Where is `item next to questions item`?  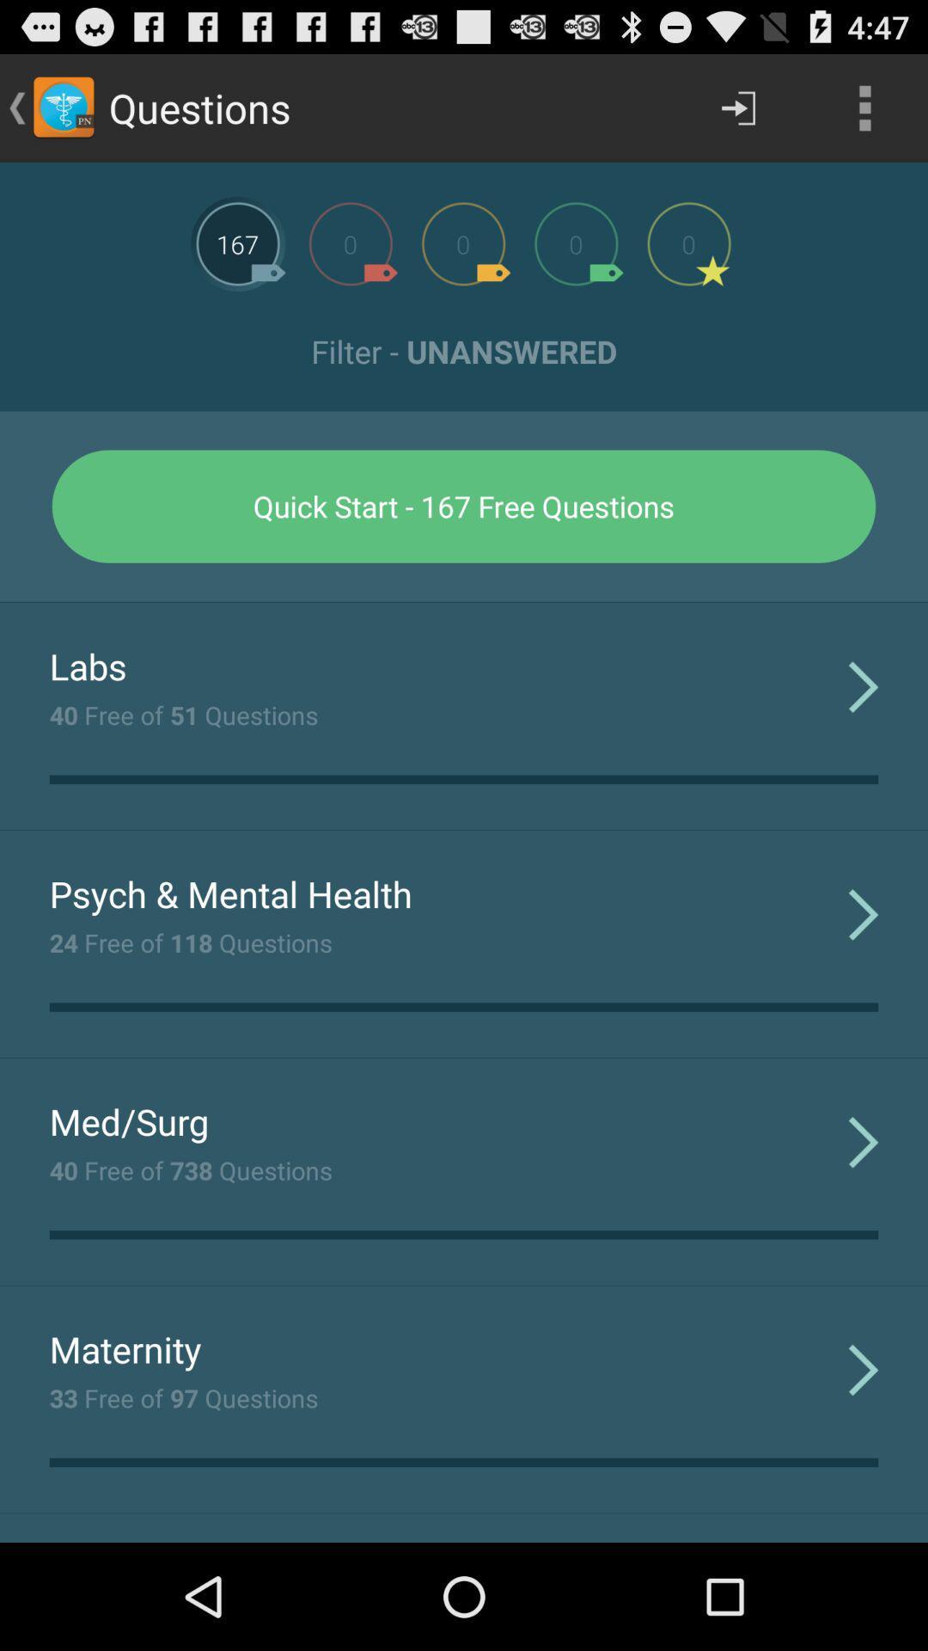 item next to questions item is located at coordinates (737, 107).